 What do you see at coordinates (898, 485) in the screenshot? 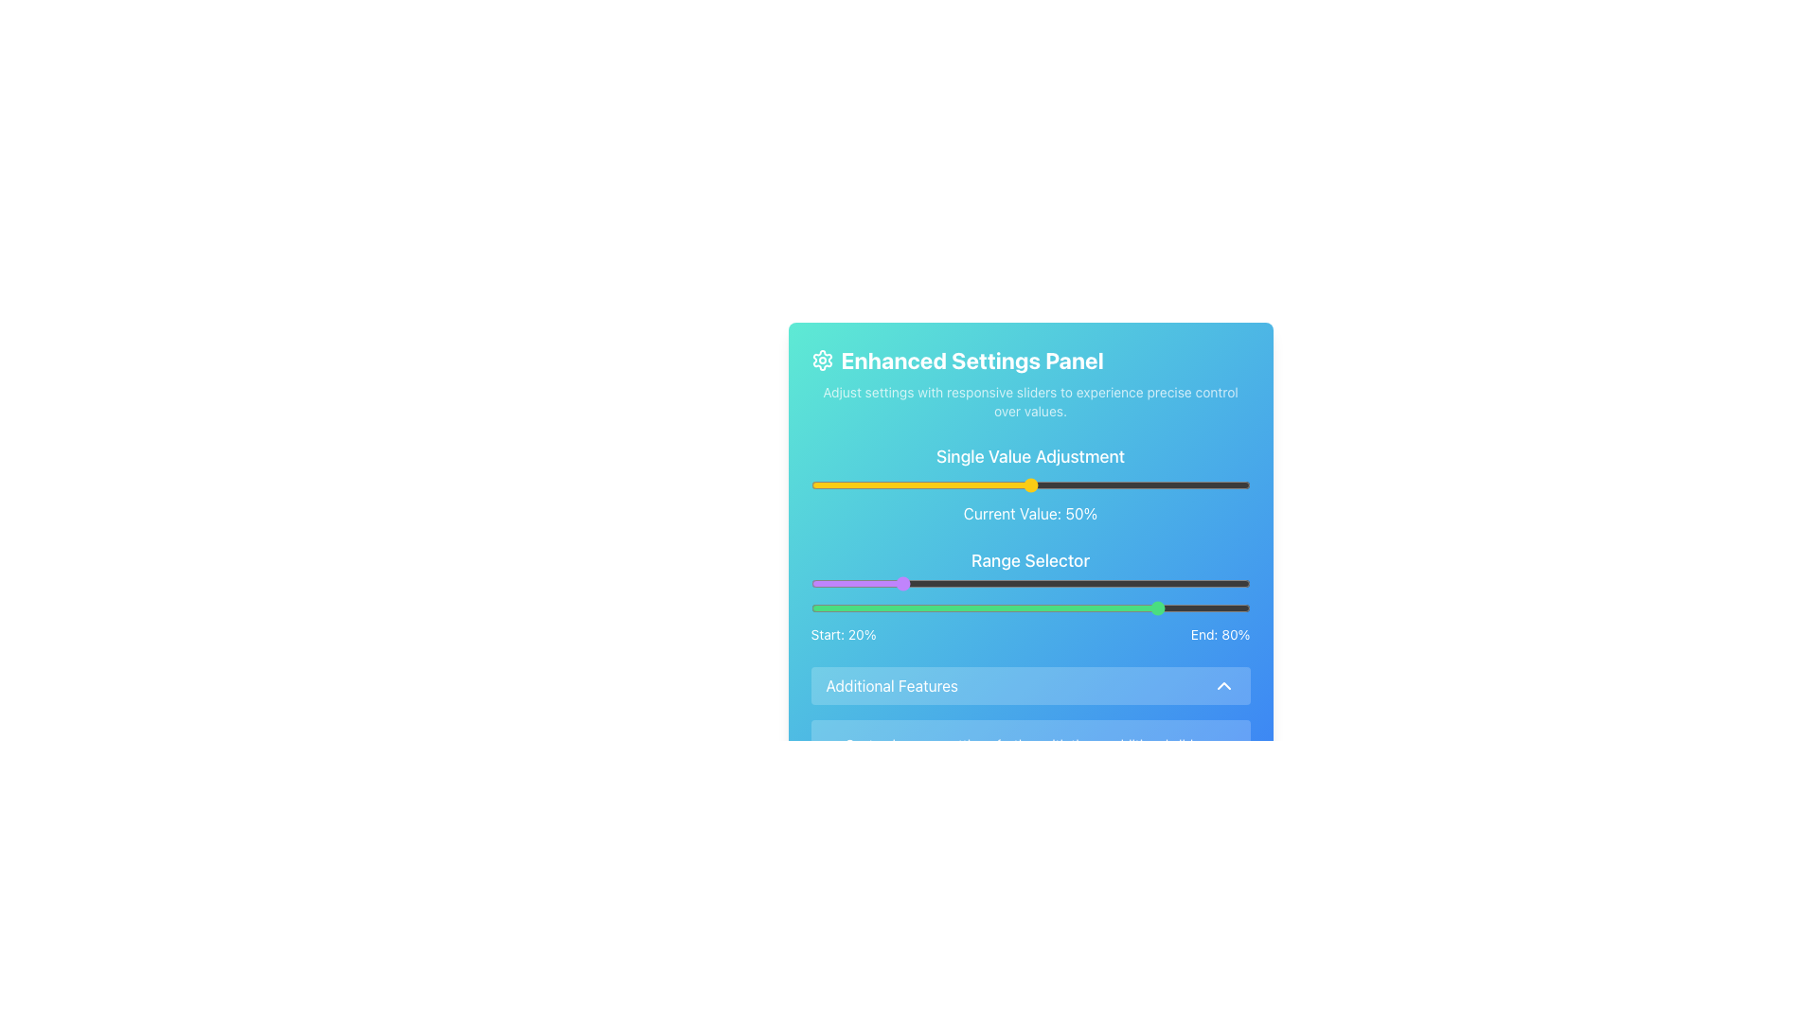
I see `the slider value` at bounding box center [898, 485].